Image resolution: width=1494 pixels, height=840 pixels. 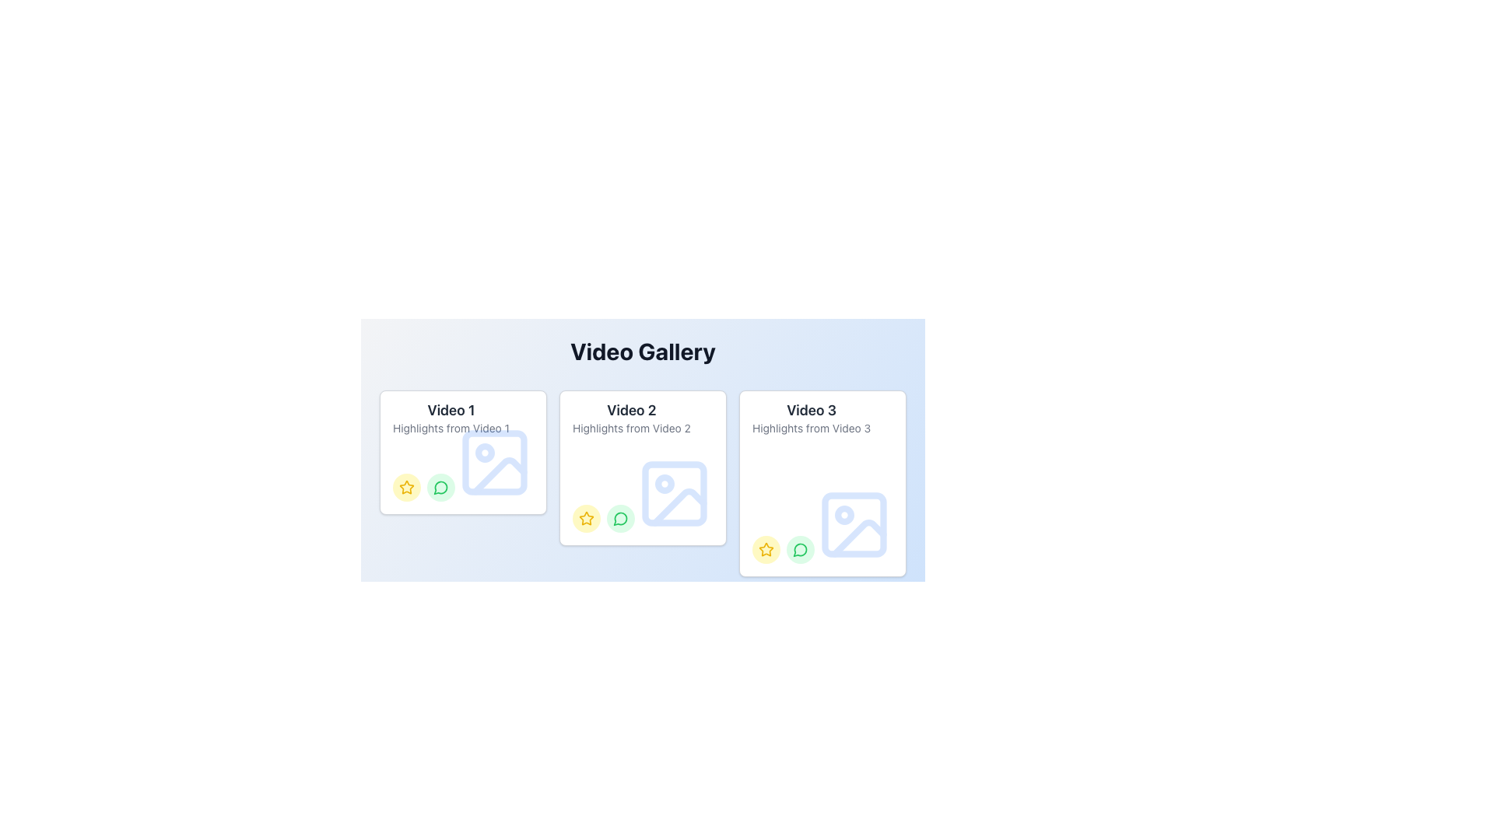 What do you see at coordinates (631, 410) in the screenshot?
I see `the static text element displaying 'Video 2', which is styled in a bold font and positioned at the top of the second card in a horizontally aligned grid of video content` at bounding box center [631, 410].